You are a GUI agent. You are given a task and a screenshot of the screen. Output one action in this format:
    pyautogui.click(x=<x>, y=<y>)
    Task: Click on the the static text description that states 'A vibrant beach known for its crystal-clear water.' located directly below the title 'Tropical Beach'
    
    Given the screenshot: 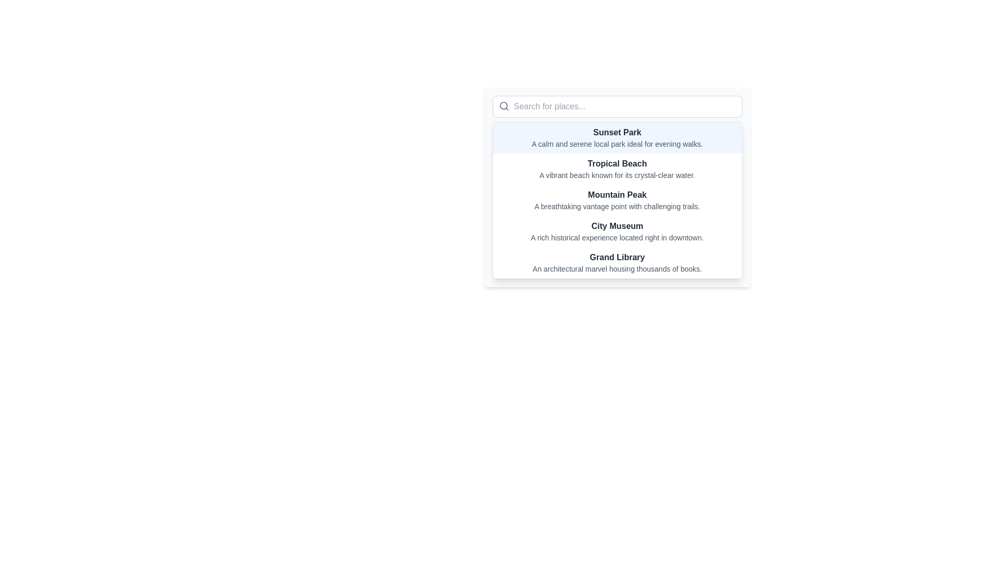 What is the action you would take?
    pyautogui.click(x=617, y=174)
    